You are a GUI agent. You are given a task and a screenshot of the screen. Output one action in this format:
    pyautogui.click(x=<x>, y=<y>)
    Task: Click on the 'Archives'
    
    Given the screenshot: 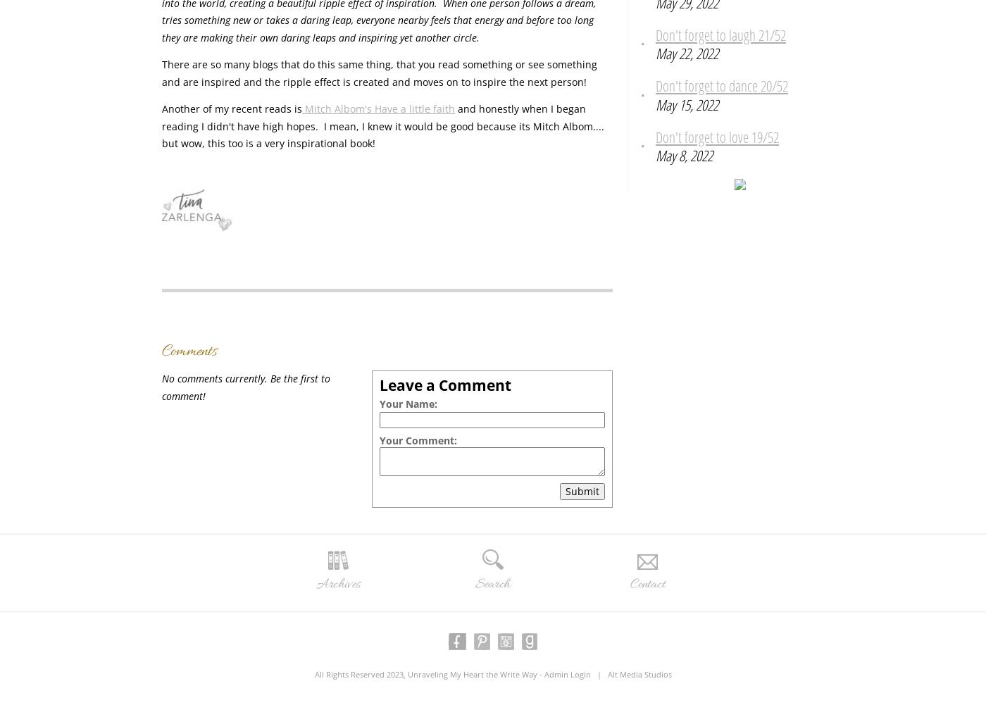 What is the action you would take?
    pyautogui.click(x=338, y=583)
    